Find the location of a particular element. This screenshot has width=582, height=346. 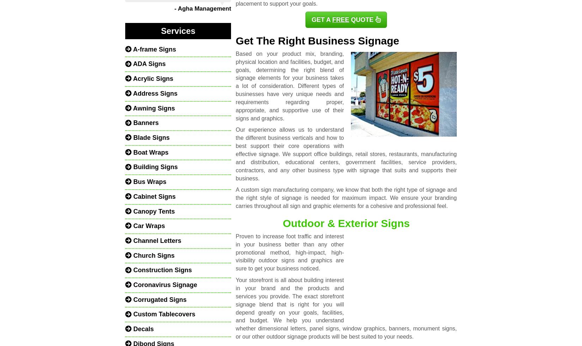

'Based on your product mix, branding, physical location and facilities, budget, and goals, determining the right blend of signage elements for your business takes a lot of consideration. Different types of businesses have very unique needs and requirements regarding proper, appropriate, and supportive use of their signs and graphics.' is located at coordinates (235, 86).